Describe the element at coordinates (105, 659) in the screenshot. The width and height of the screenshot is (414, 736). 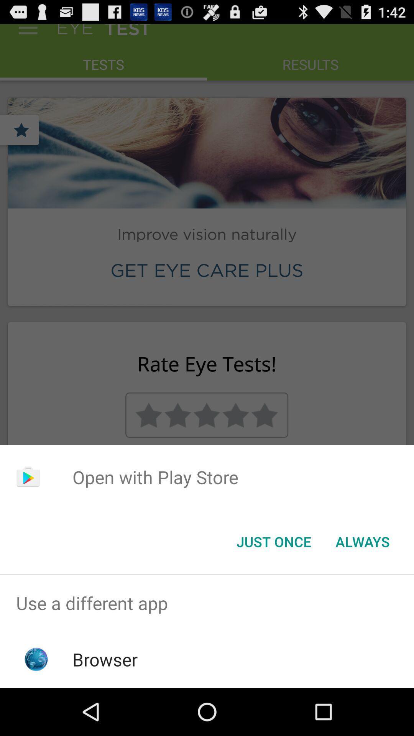
I see `the browser item` at that location.